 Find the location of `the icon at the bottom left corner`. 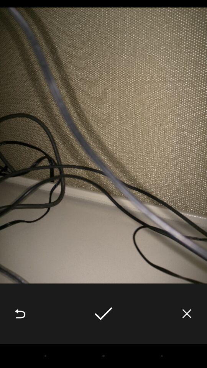

the icon at the bottom left corner is located at coordinates (20, 314).